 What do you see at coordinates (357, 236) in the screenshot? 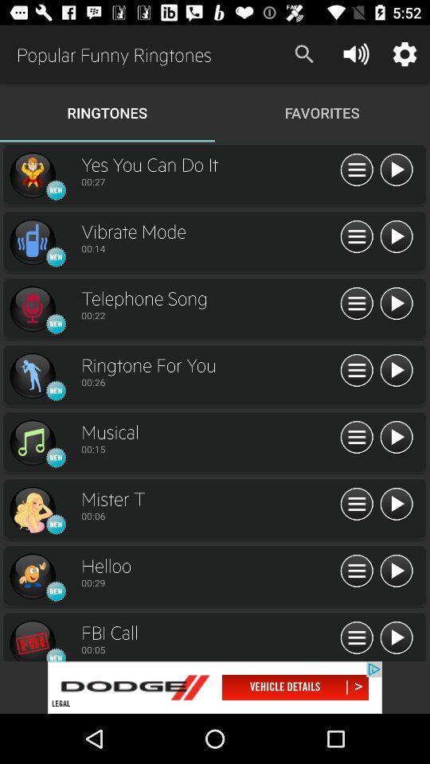
I see `options of ringtone` at bounding box center [357, 236].